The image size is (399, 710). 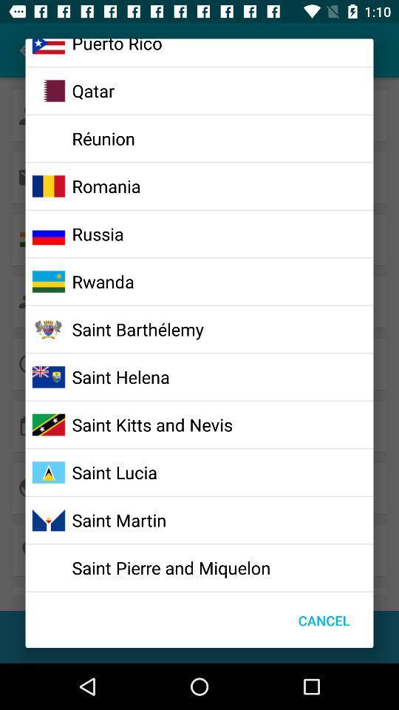 I want to click on the item below russia icon, so click(x=102, y=280).